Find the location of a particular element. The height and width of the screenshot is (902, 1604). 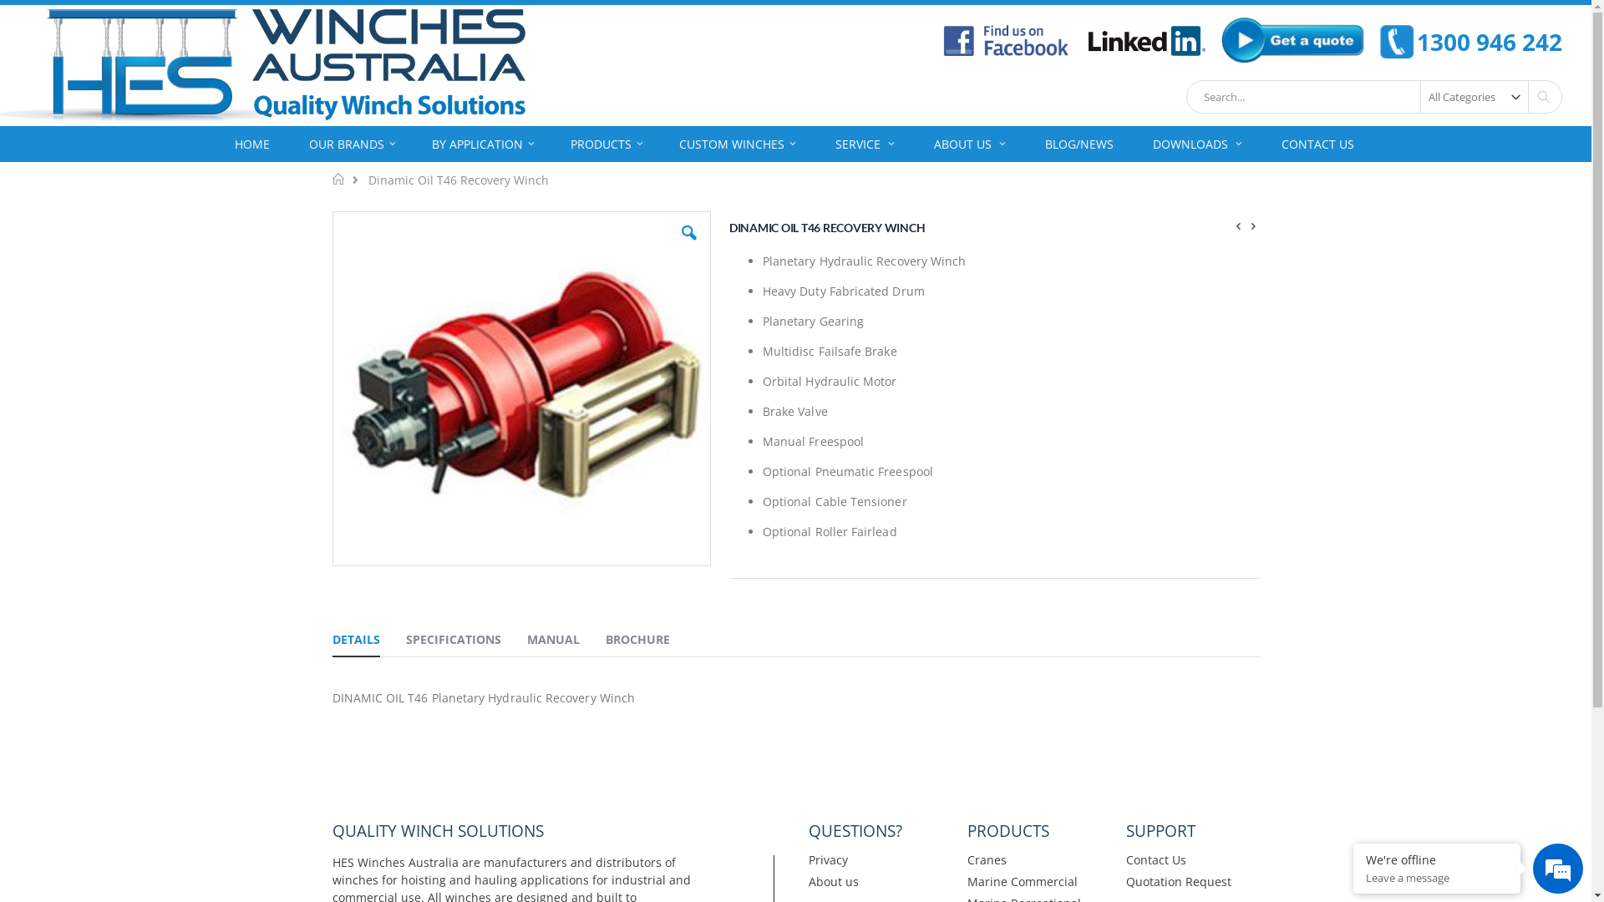

'BY APPLICATION' is located at coordinates (482, 143).